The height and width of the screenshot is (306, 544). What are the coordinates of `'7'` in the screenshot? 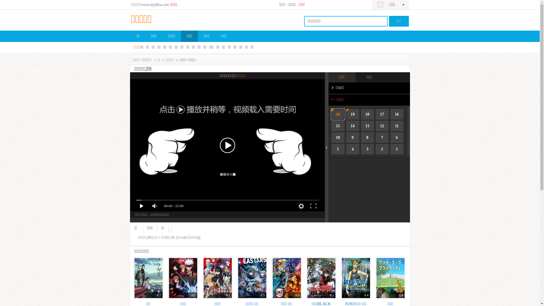 It's located at (382, 137).